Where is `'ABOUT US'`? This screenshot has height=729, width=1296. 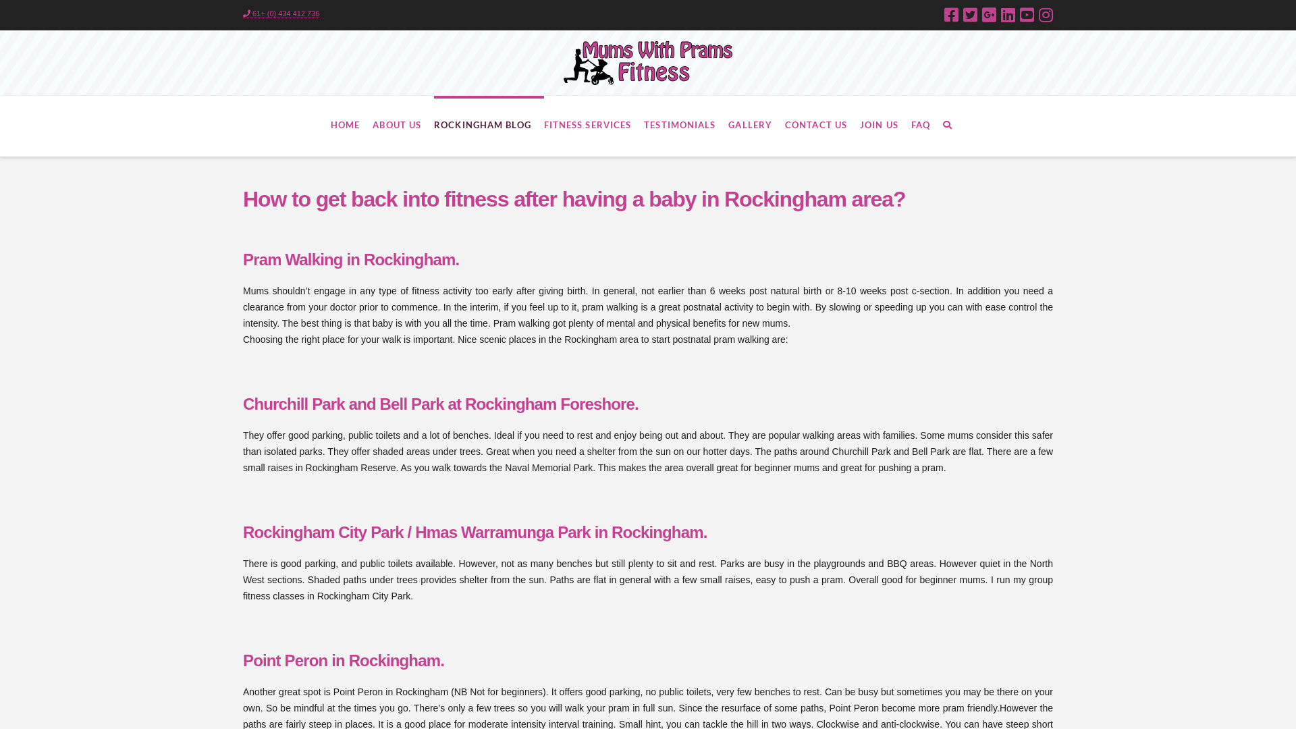 'ABOUT US' is located at coordinates (402, 126).